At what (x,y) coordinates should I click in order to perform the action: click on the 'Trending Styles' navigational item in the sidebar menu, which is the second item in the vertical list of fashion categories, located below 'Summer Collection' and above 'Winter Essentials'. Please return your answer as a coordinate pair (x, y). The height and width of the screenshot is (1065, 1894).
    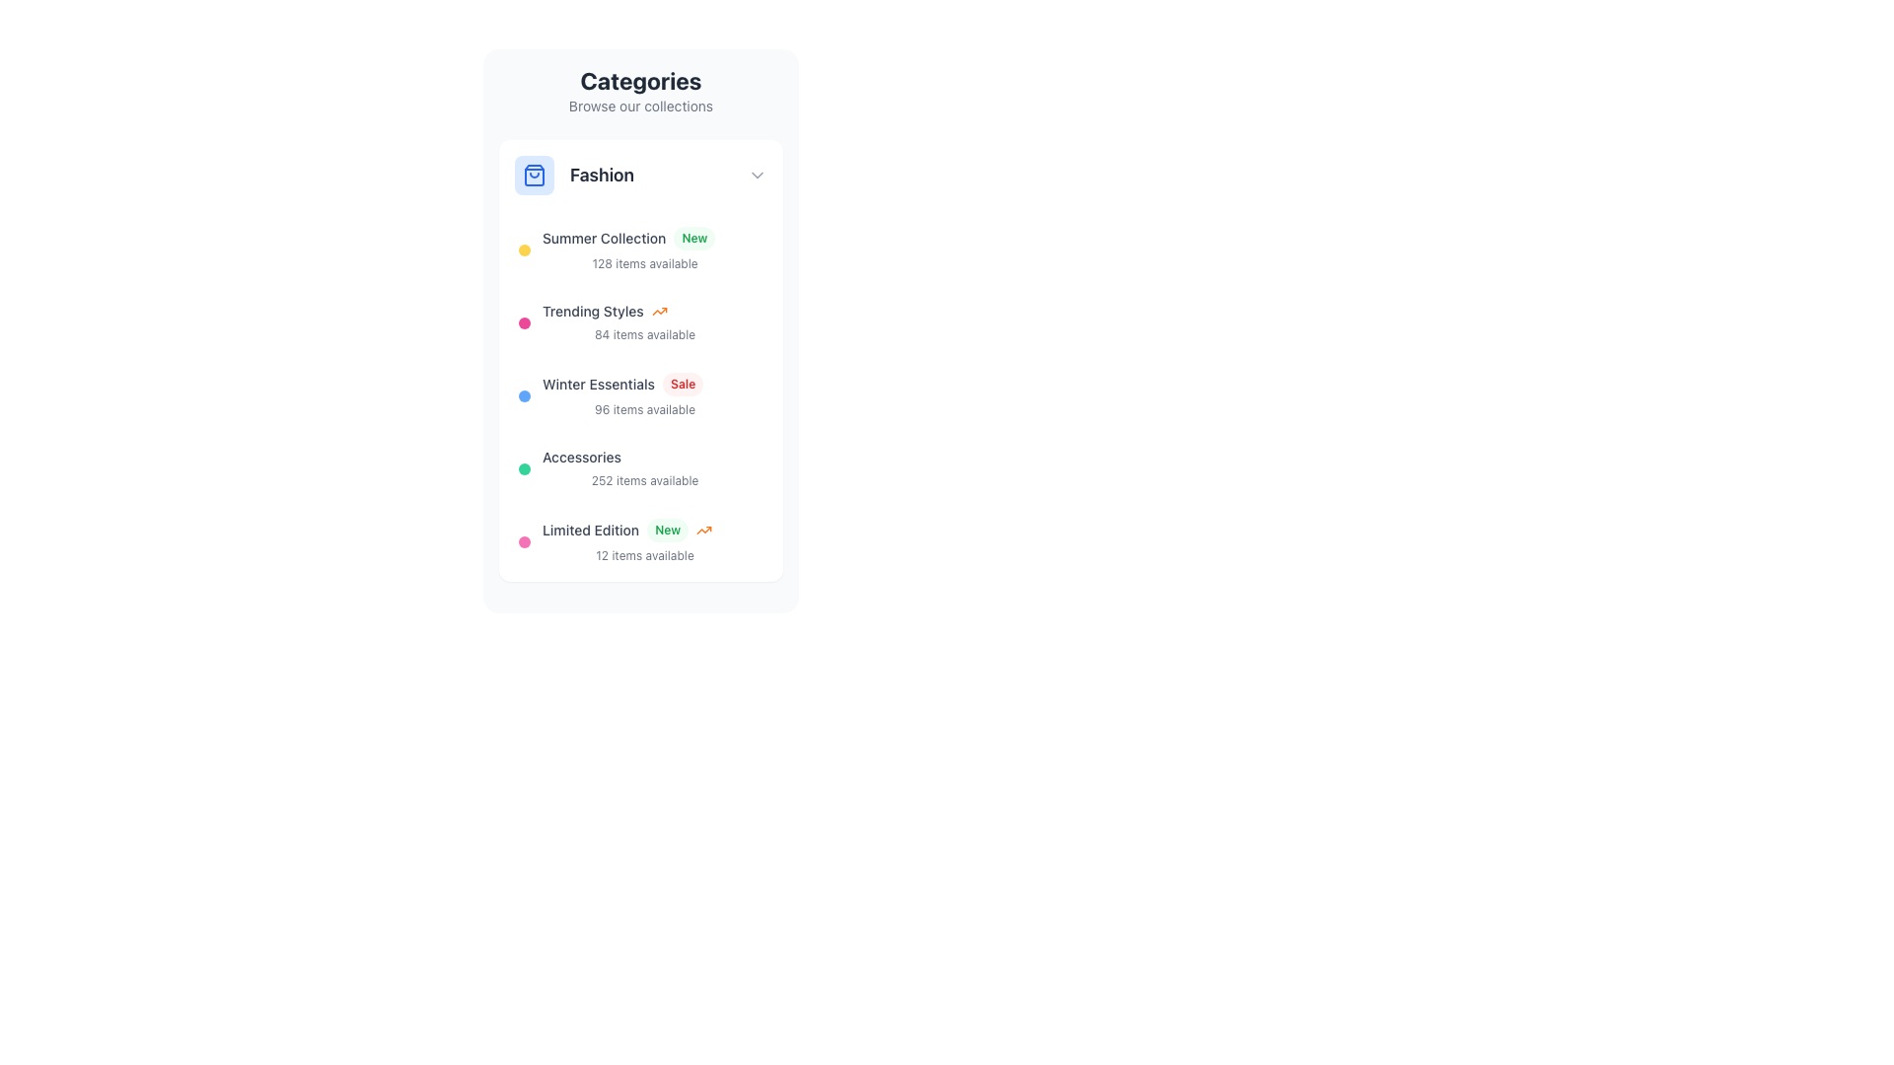
    Looking at the image, I should click on (644, 321).